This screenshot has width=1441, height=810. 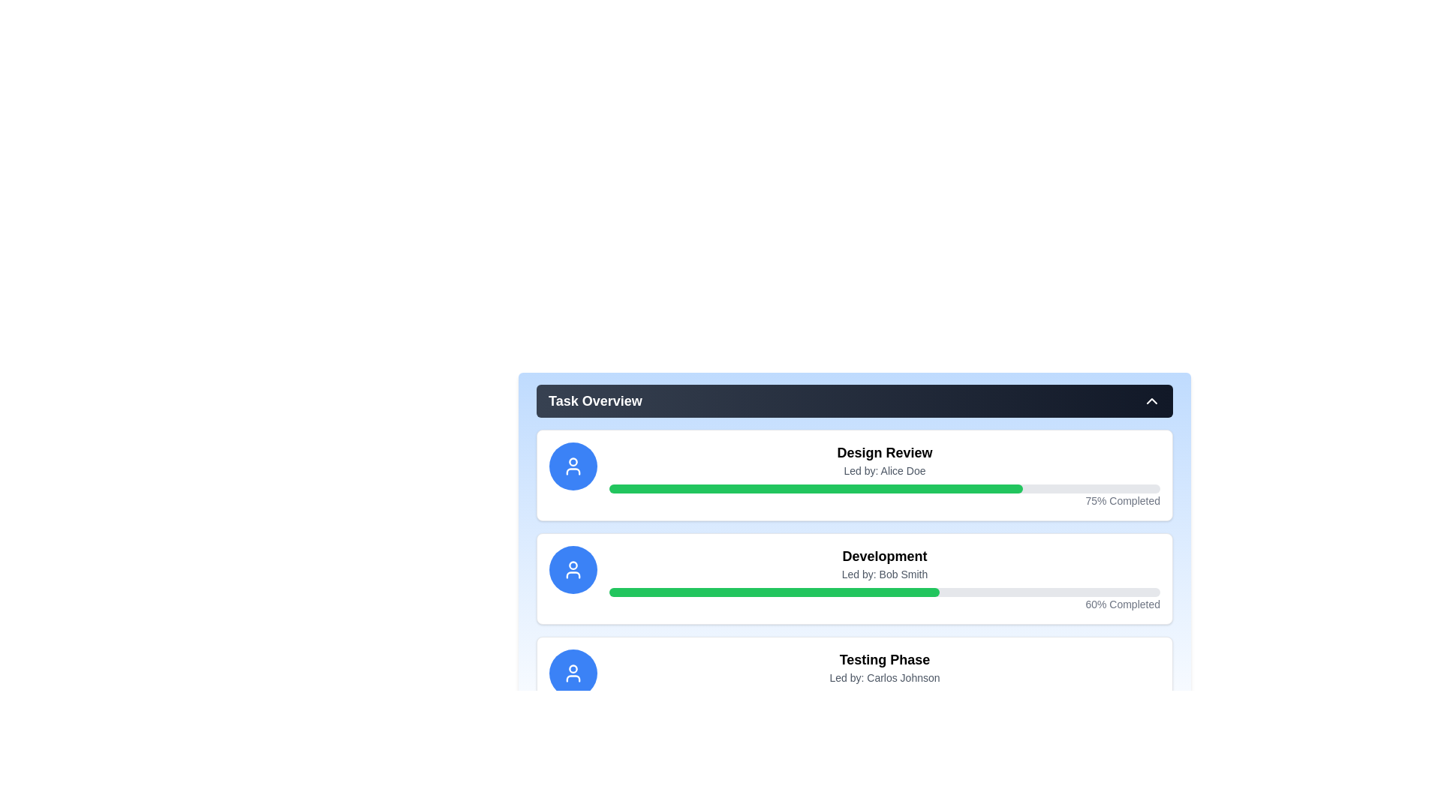 I want to click on the text label element that reads 'Led by: Alice Doe', which is styled with a light gray font and is centrally aligned beneath the title 'Design Review', so click(x=885, y=470).